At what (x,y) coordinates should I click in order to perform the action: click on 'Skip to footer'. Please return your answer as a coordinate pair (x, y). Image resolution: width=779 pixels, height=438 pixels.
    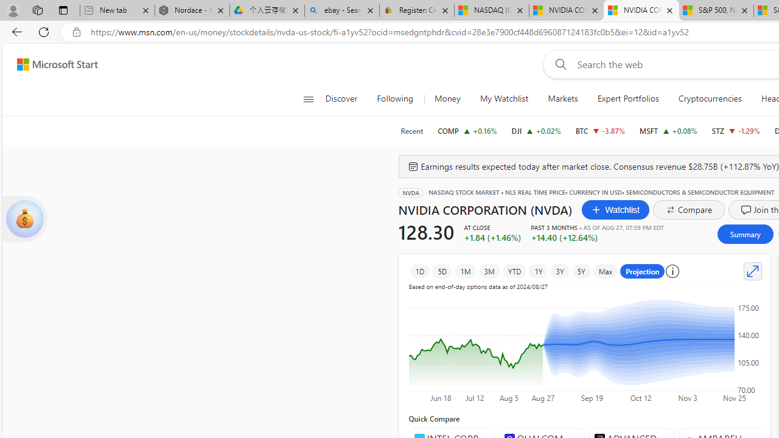
    Looking at the image, I should click on (49, 64).